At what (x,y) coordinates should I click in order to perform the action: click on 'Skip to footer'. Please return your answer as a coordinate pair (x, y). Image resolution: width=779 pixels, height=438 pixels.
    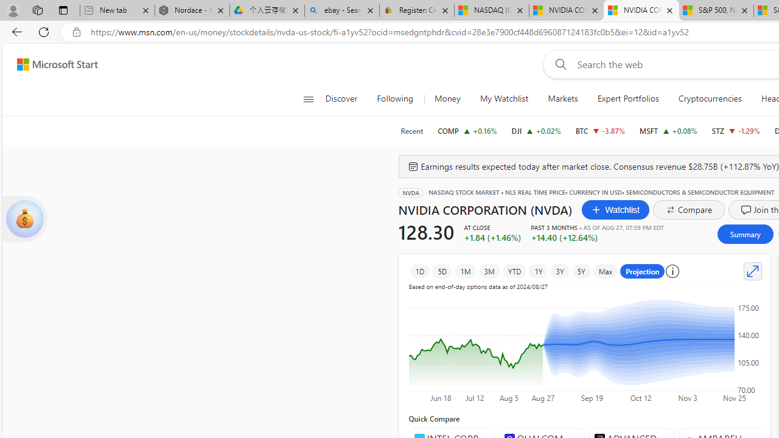
    Looking at the image, I should click on (49, 64).